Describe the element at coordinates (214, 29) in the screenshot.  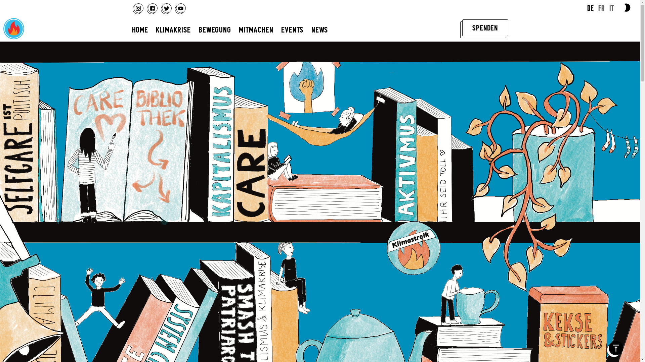
I see `'BEWEGUNG'` at that location.